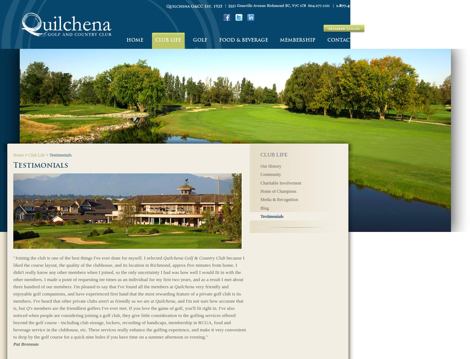 This screenshot has width=470, height=359. Describe the element at coordinates (28, 155) in the screenshot. I see `'Club Life'` at that location.